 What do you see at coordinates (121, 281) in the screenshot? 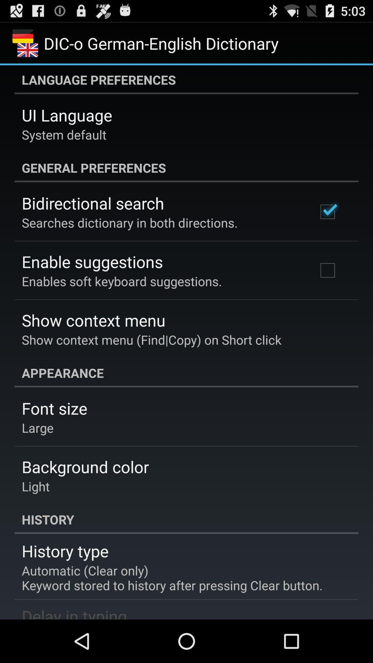
I see `enables soft keyboard item` at bounding box center [121, 281].